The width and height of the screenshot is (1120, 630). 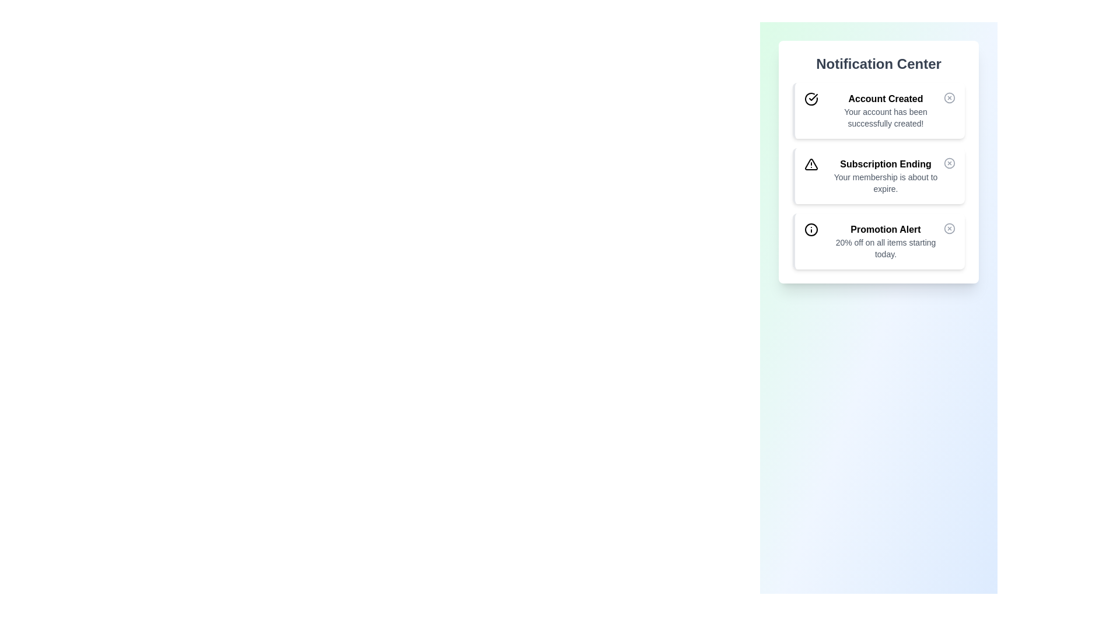 What do you see at coordinates (813, 96) in the screenshot?
I see `checkmark icon element in the first notification card within the Notification Center section using developer tools` at bounding box center [813, 96].